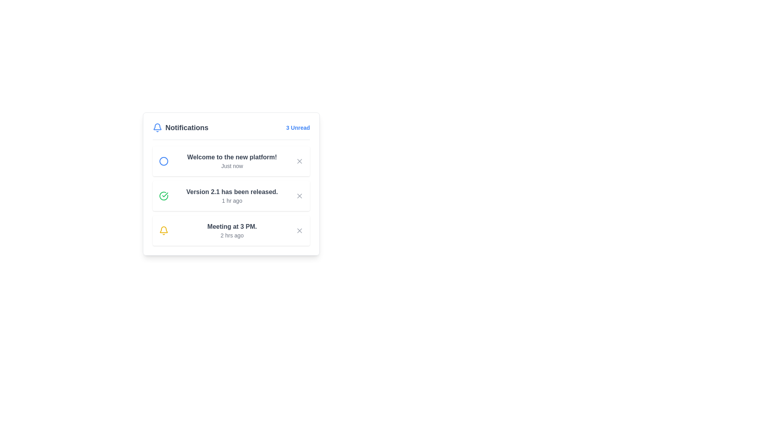 The height and width of the screenshot is (426, 758). What do you see at coordinates (232, 157) in the screenshot?
I see `the static text element that communicates the title of the first notification, located centrally near the top of the notification panel` at bounding box center [232, 157].